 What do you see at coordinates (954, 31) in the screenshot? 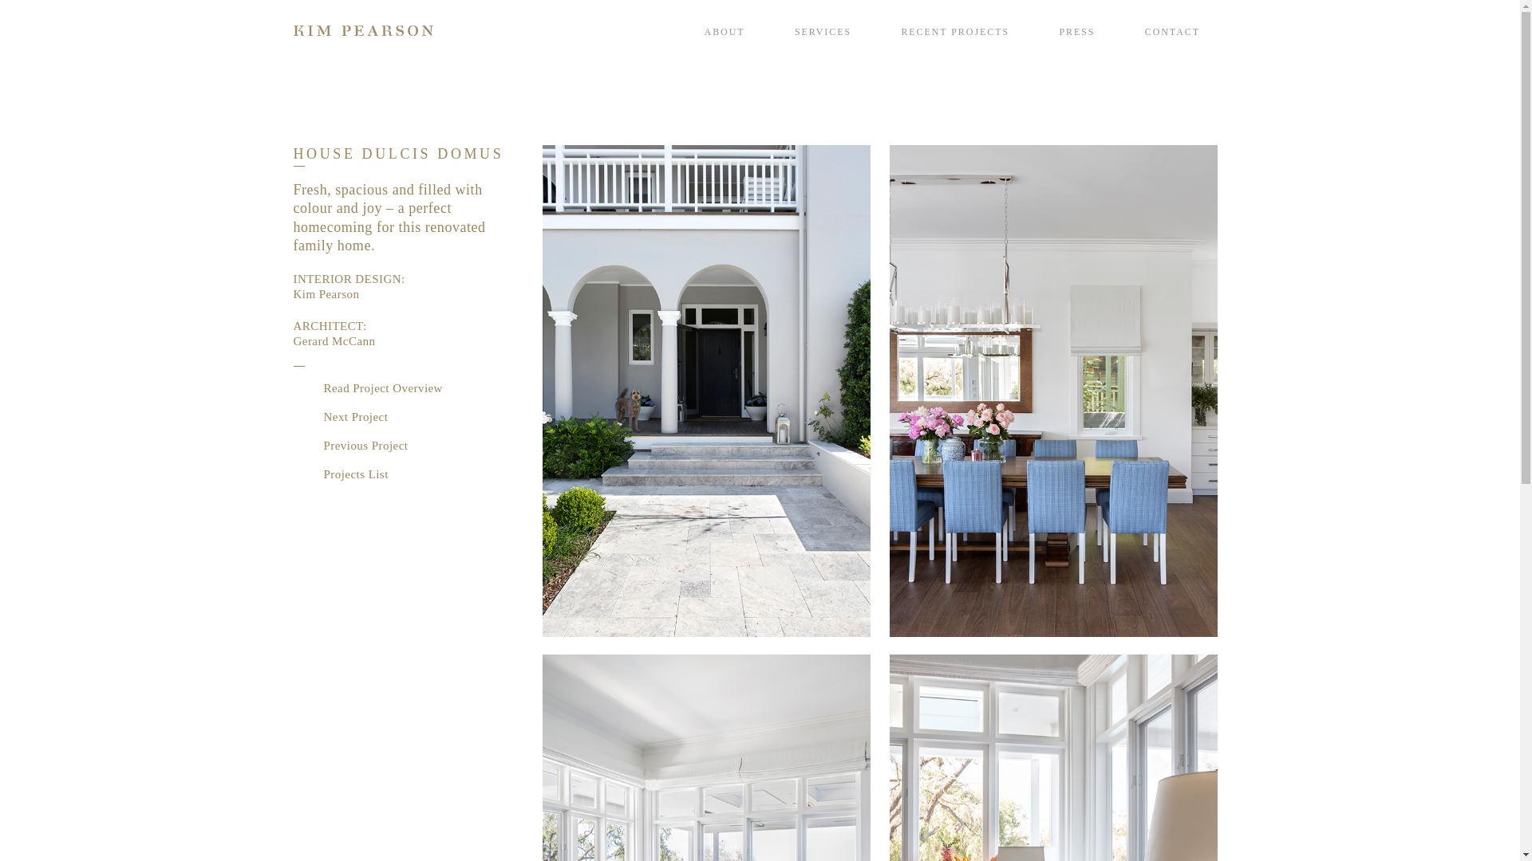
I see `'RECENT PROJECTS'` at bounding box center [954, 31].